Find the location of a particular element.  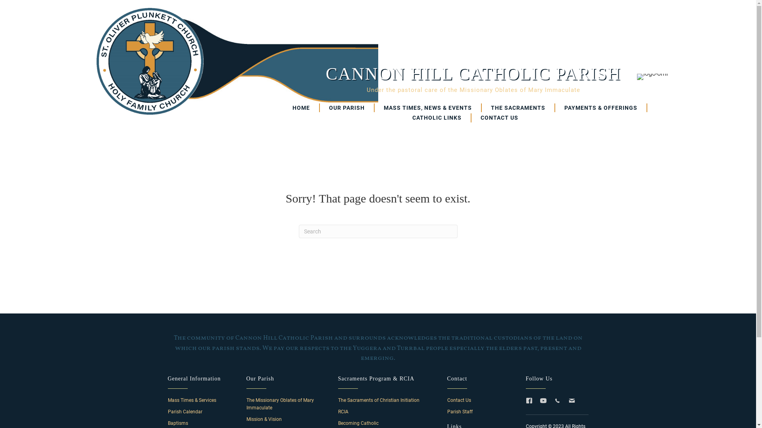

'Type and press Enter to search.' is located at coordinates (377, 231).